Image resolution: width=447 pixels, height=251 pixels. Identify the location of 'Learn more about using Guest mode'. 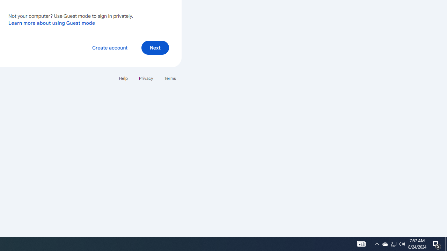
(51, 22).